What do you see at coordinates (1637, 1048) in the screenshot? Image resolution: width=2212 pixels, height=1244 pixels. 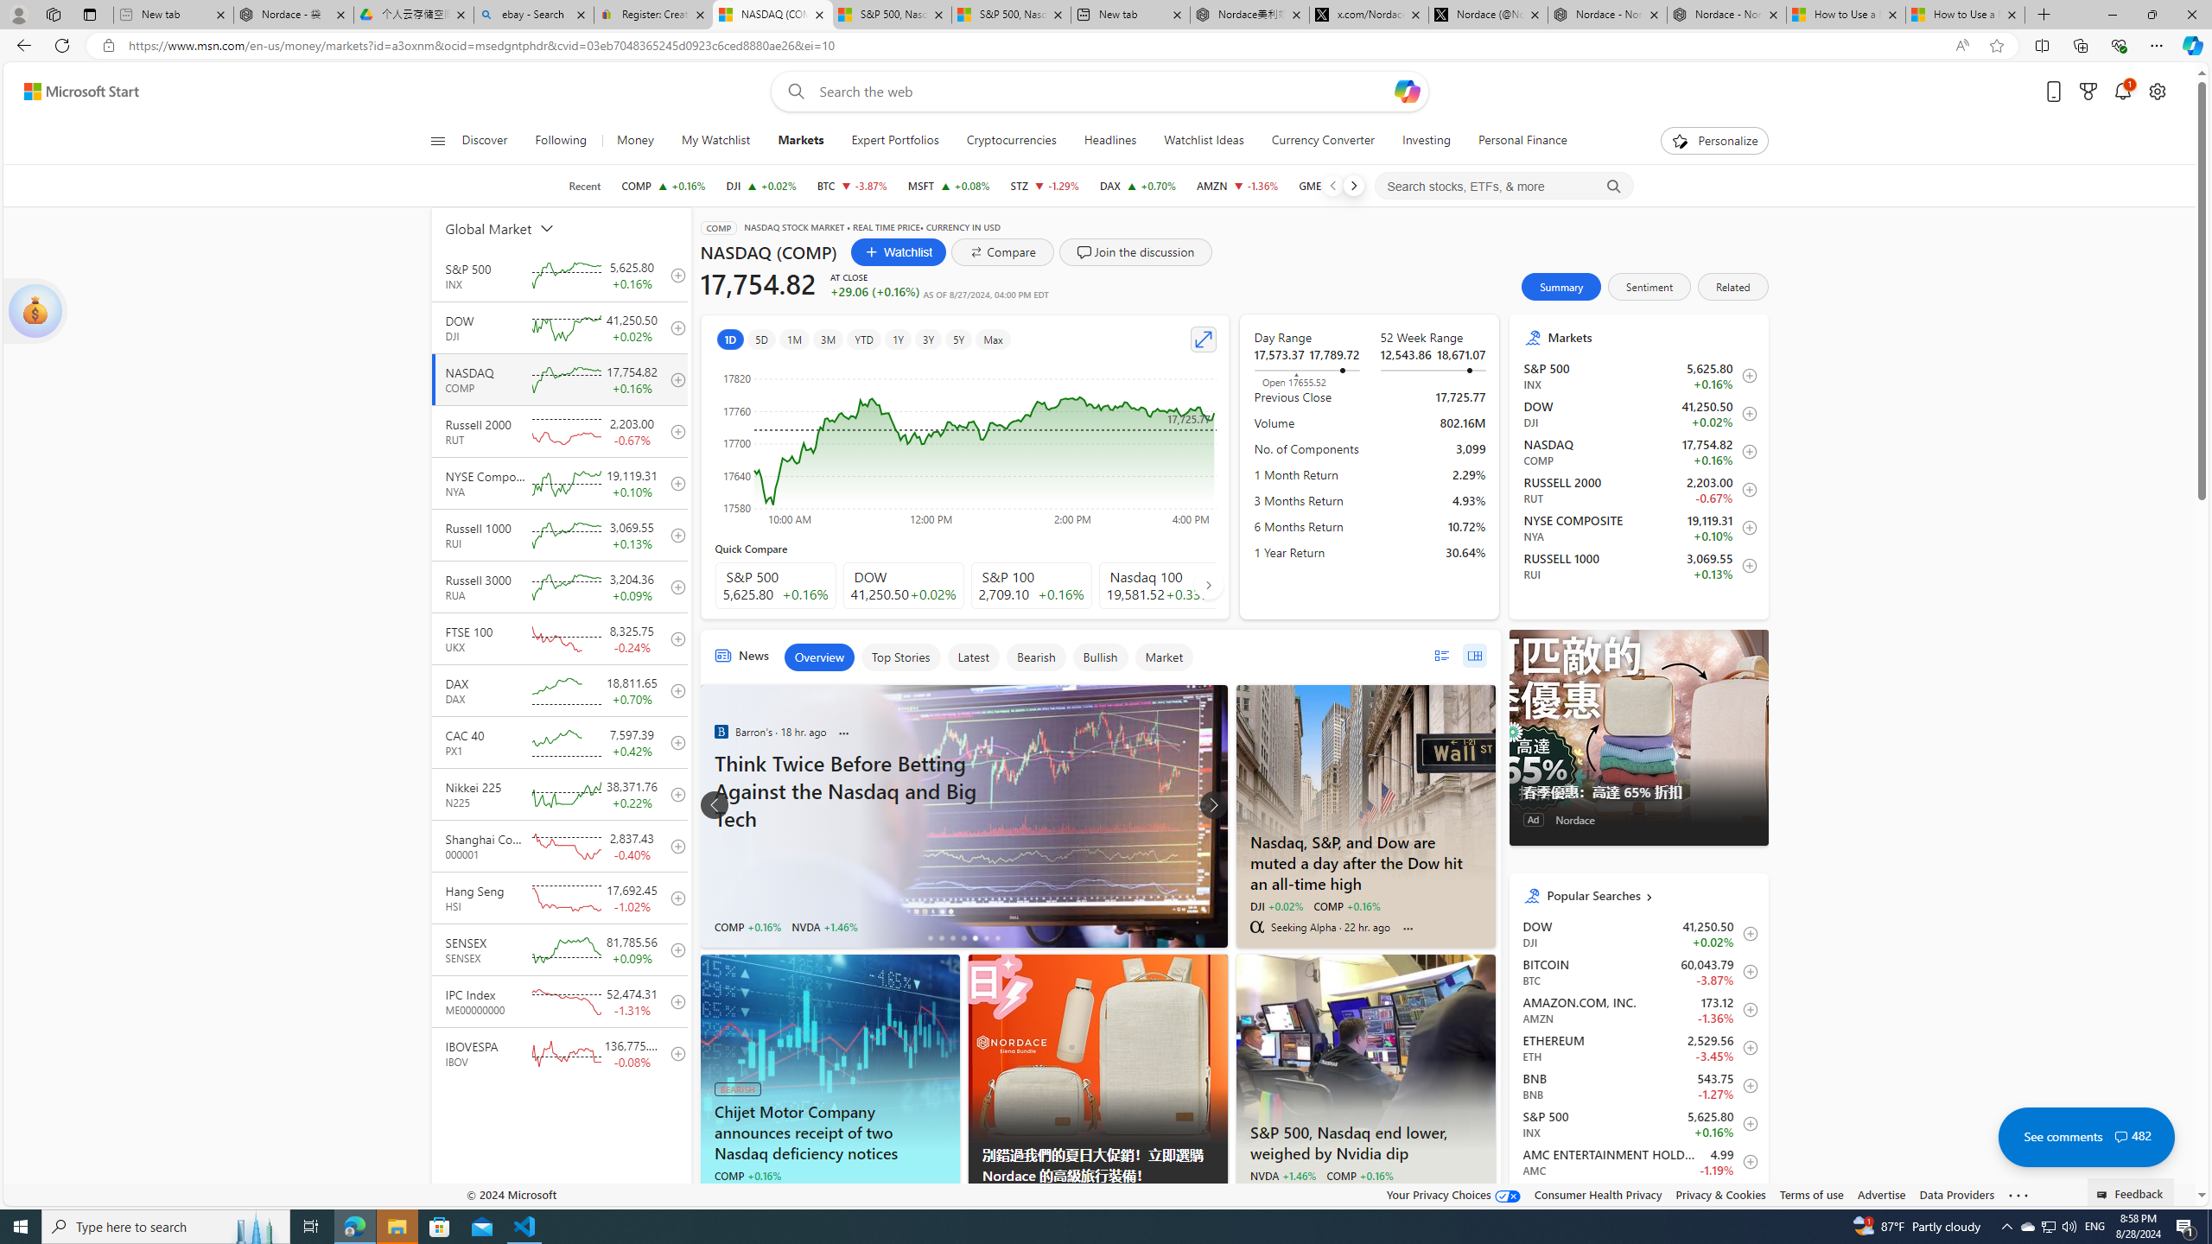 I see `'ETH Ethereum decrease 2,529.56 -87.30 -3.45% itemundefined'` at bounding box center [1637, 1048].